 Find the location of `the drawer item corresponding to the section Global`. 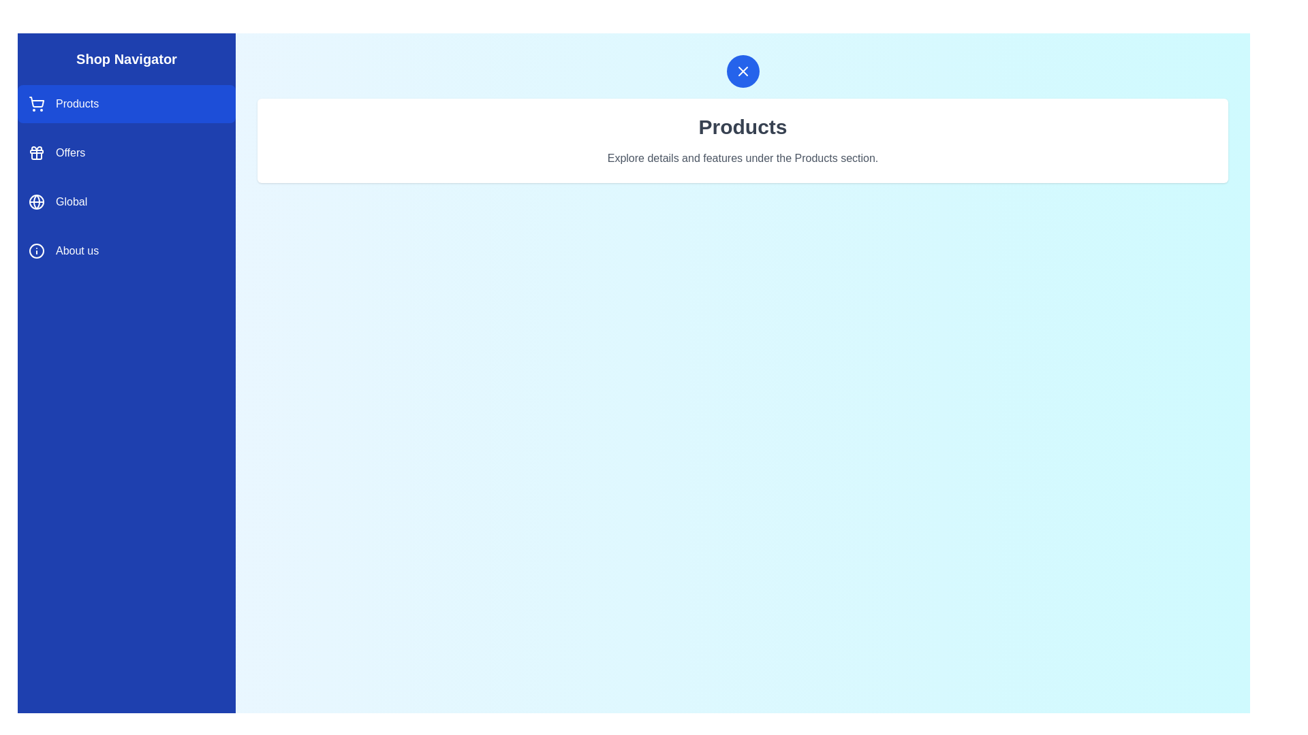

the drawer item corresponding to the section Global is located at coordinates (127, 202).